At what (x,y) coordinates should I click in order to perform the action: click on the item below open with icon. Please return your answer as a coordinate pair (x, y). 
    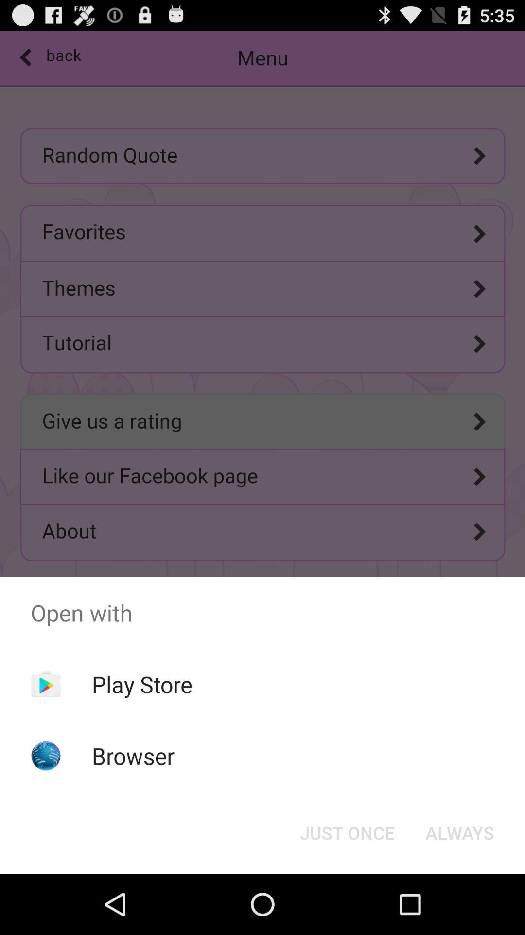
    Looking at the image, I should click on (347, 832).